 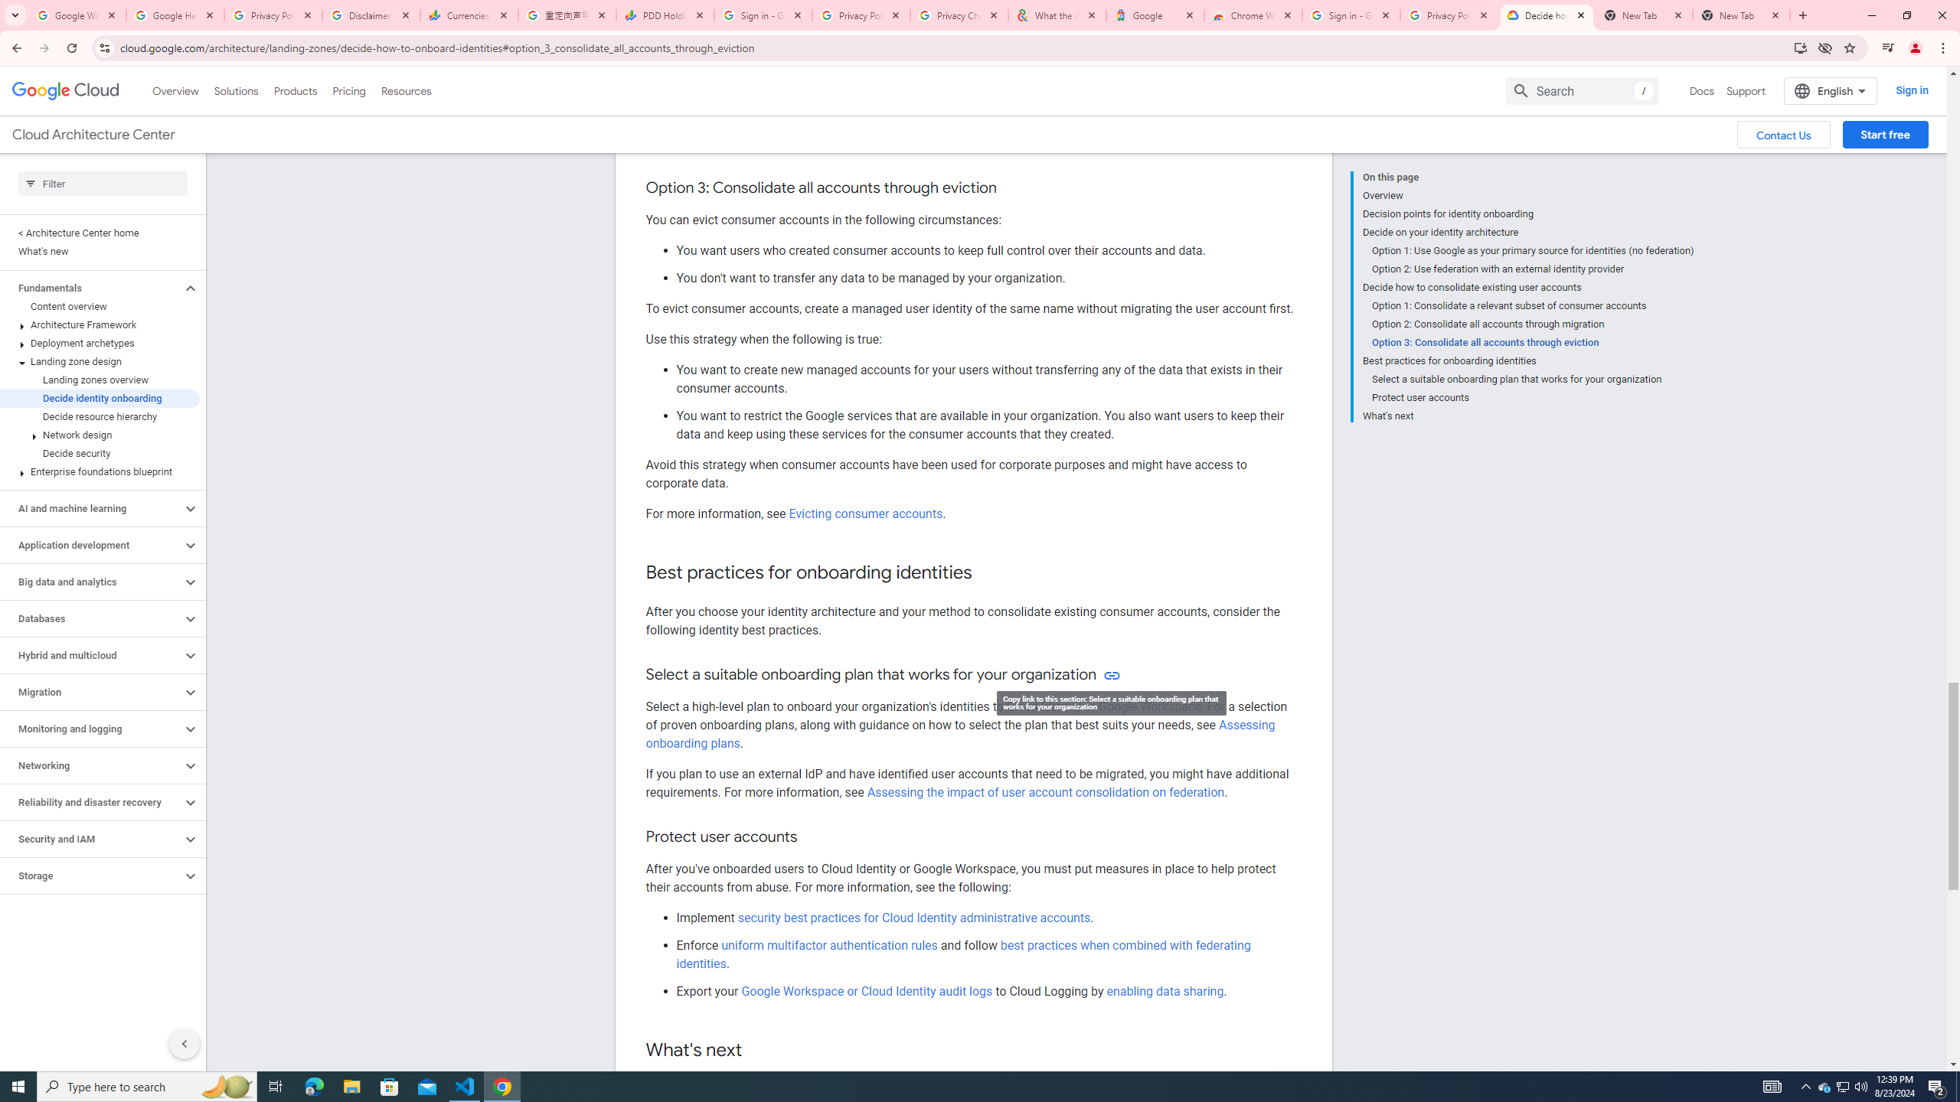 What do you see at coordinates (959, 15) in the screenshot?
I see `'Privacy Checkup'` at bounding box center [959, 15].